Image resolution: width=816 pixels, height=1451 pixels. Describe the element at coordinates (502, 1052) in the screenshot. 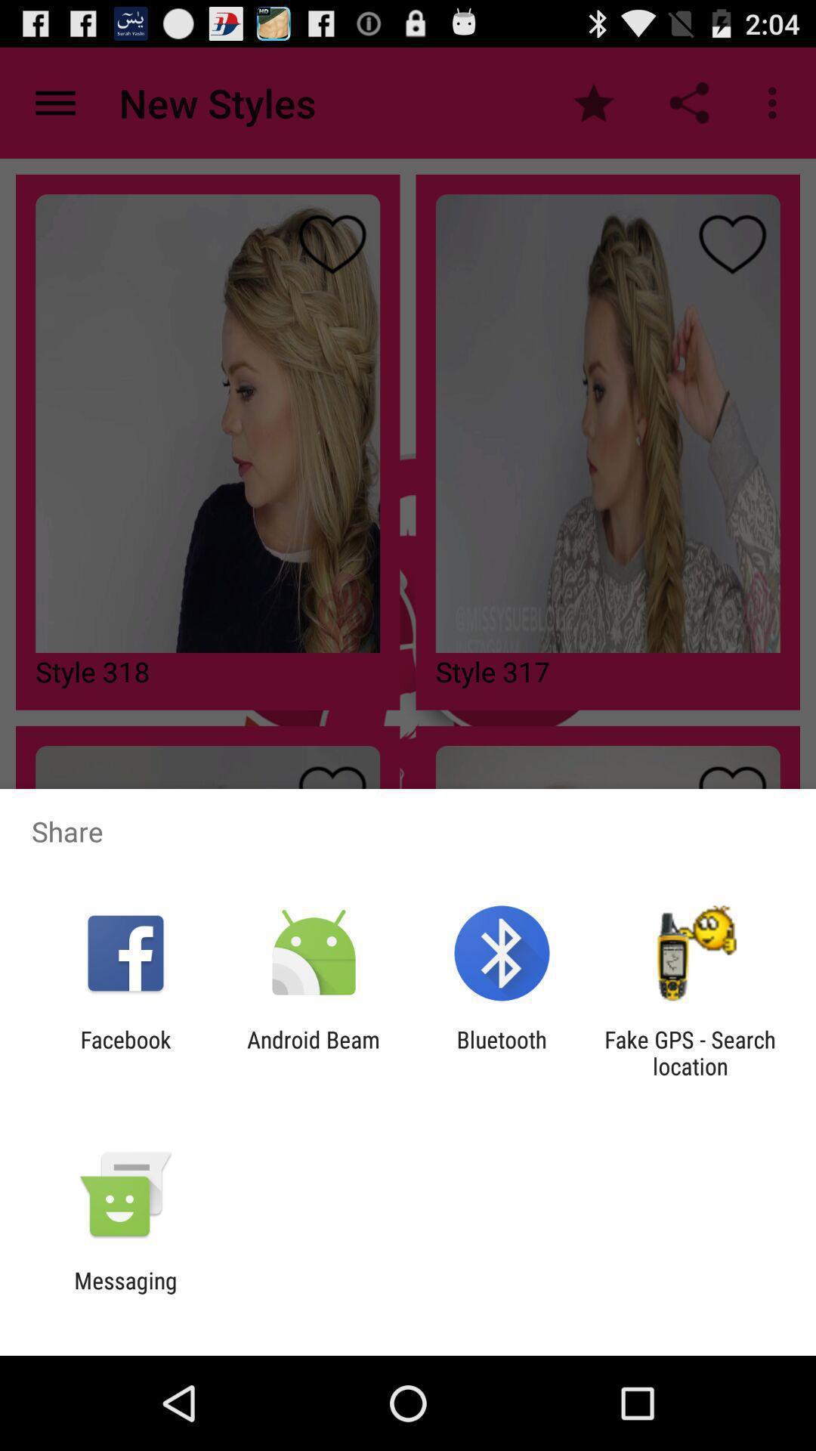

I see `item next to fake gps search` at that location.